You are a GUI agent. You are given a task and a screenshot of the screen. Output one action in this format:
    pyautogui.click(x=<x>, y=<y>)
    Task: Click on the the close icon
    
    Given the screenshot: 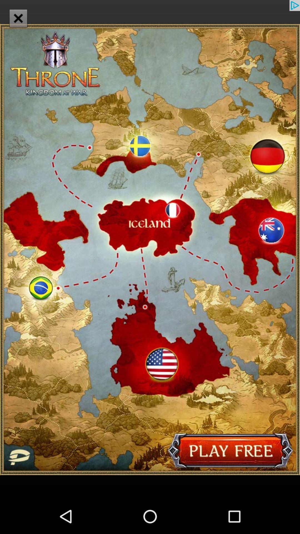 What is the action you would take?
    pyautogui.click(x=18, y=19)
    